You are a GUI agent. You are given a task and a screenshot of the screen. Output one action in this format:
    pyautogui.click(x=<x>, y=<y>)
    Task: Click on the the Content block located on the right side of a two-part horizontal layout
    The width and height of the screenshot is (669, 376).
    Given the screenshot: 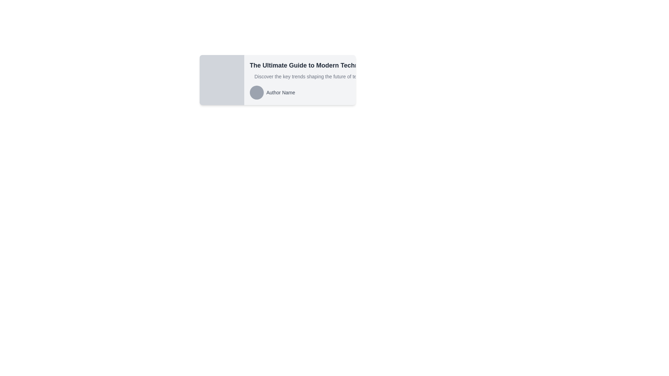 What is the action you would take?
    pyautogui.click(x=326, y=80)
    